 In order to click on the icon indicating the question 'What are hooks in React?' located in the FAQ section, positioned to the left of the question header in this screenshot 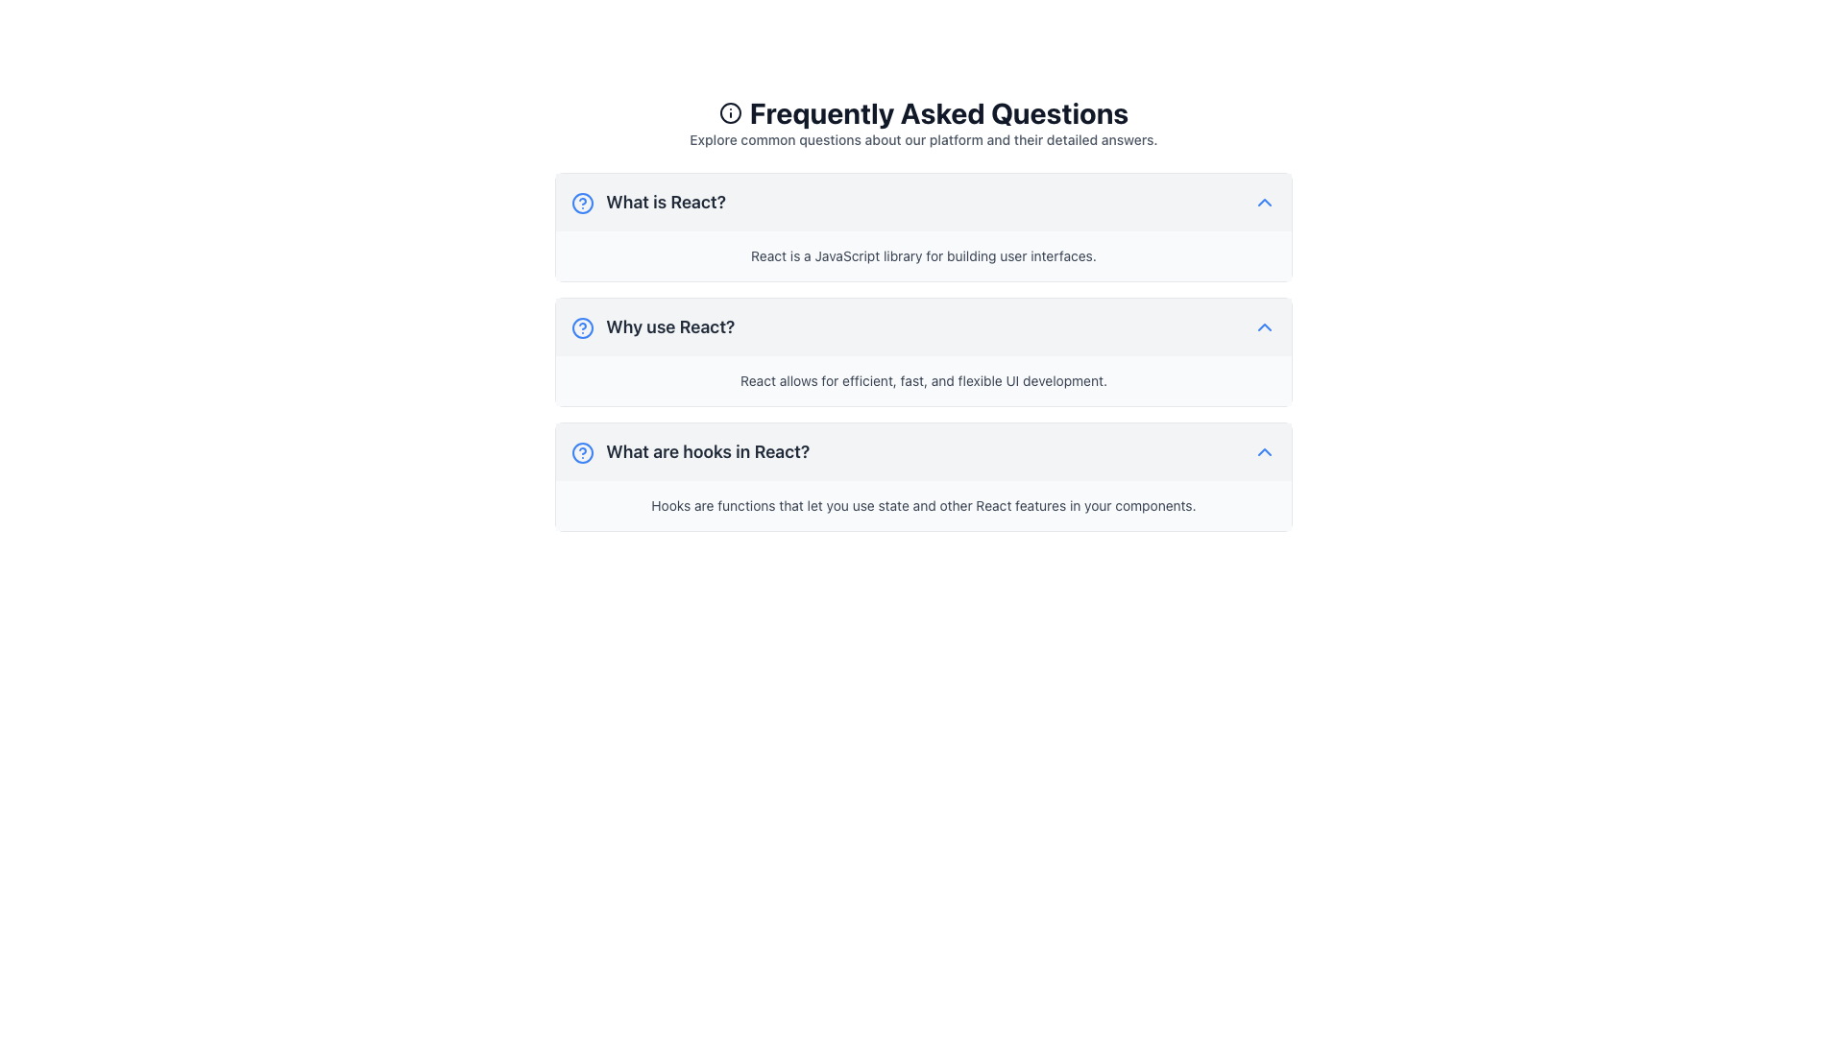, I will do `click(581, 452)`.